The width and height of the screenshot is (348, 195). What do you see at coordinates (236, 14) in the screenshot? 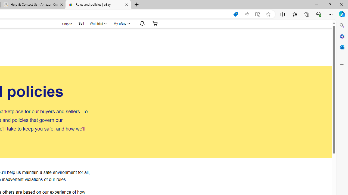
I see `'This site has coupons! Shopping in Microsoft Edge'` at bounding box center [236, 14].